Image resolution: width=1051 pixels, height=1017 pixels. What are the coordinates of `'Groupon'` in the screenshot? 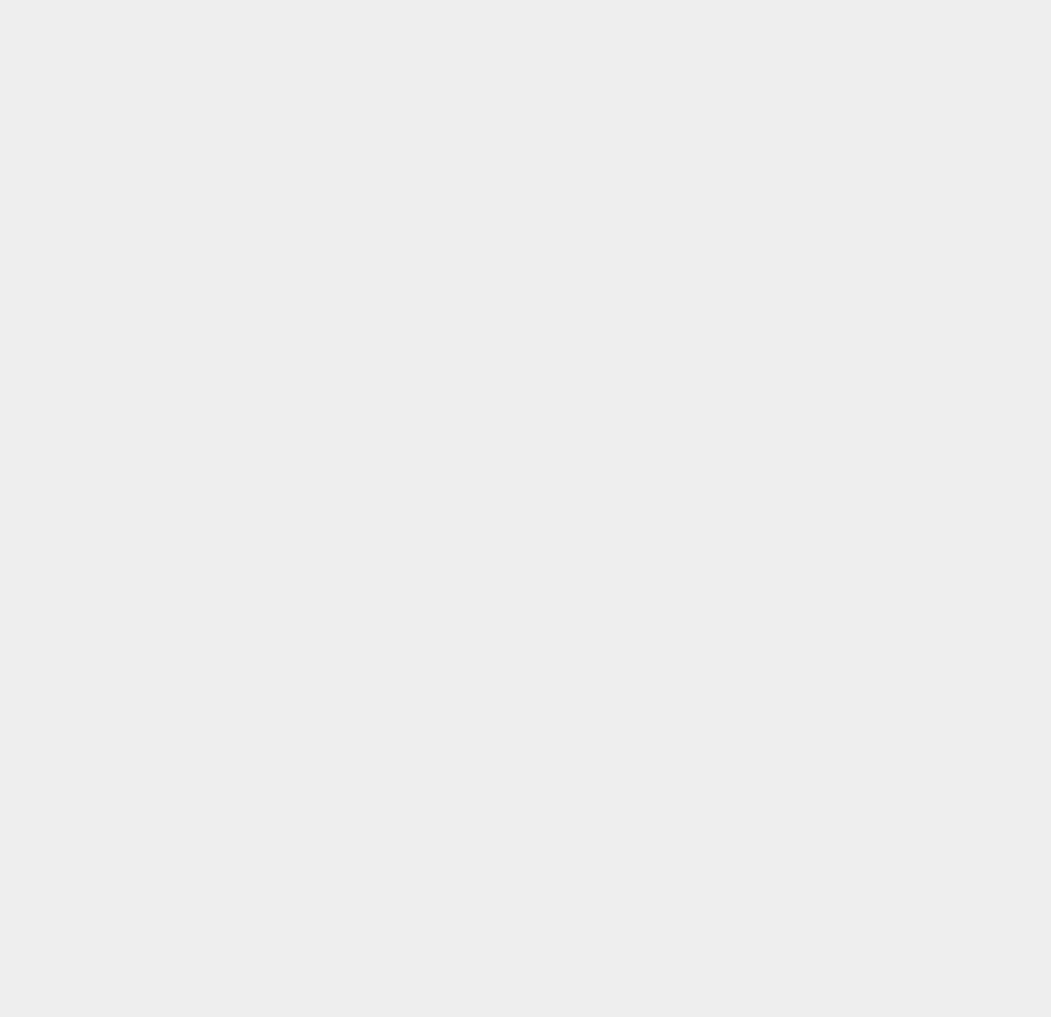 It's located at (769, 856).